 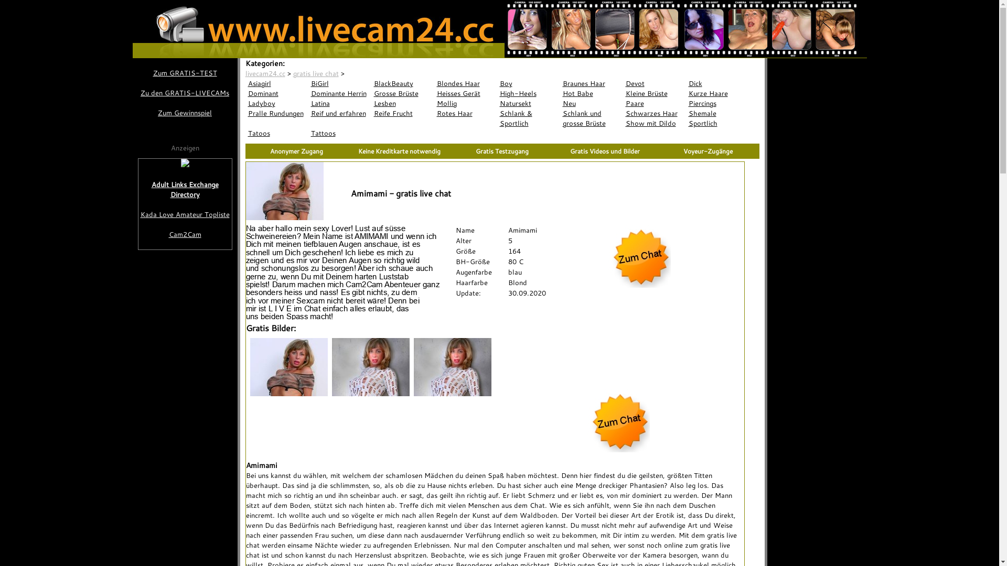 I want to click on 'Neu', so click(x=592, y=103).